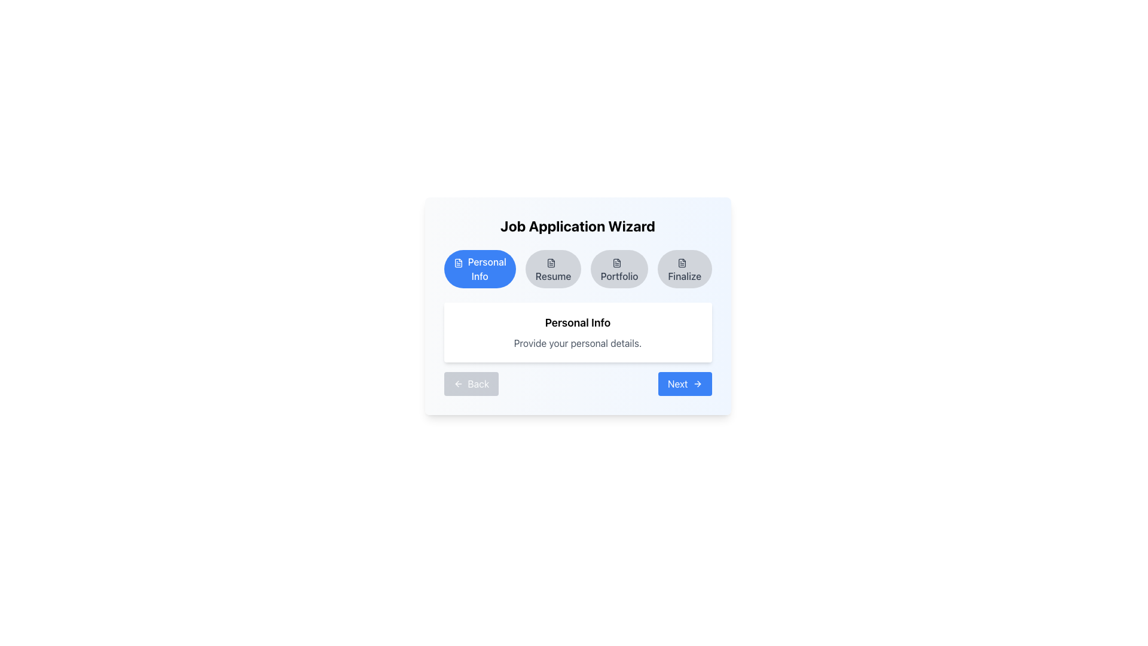  Describe the element at coordinates (550, 262) in the screenshot. I see `the outlined file icon located to the left of the 'Resume' text in the 'Job Application Wizard' interface` at that location.